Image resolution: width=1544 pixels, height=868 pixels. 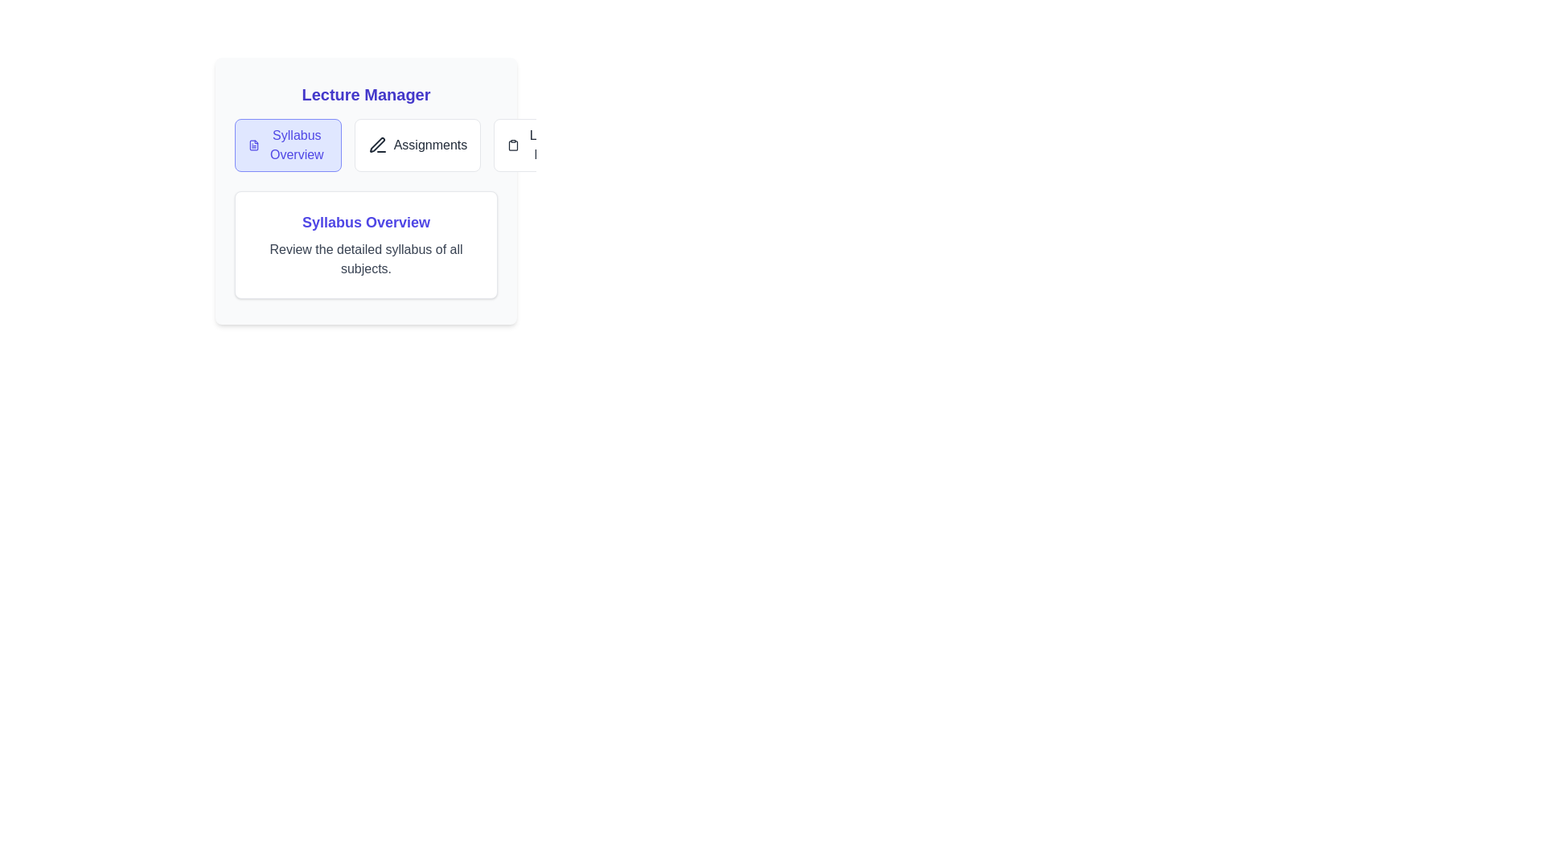 What do you see at coordinates (365, 259) in the screenshot?
I see `the text element that informs users about the syllabus overview, located in a white card below the title 'Syllabus Overview'` at bounding box center [365, 259].